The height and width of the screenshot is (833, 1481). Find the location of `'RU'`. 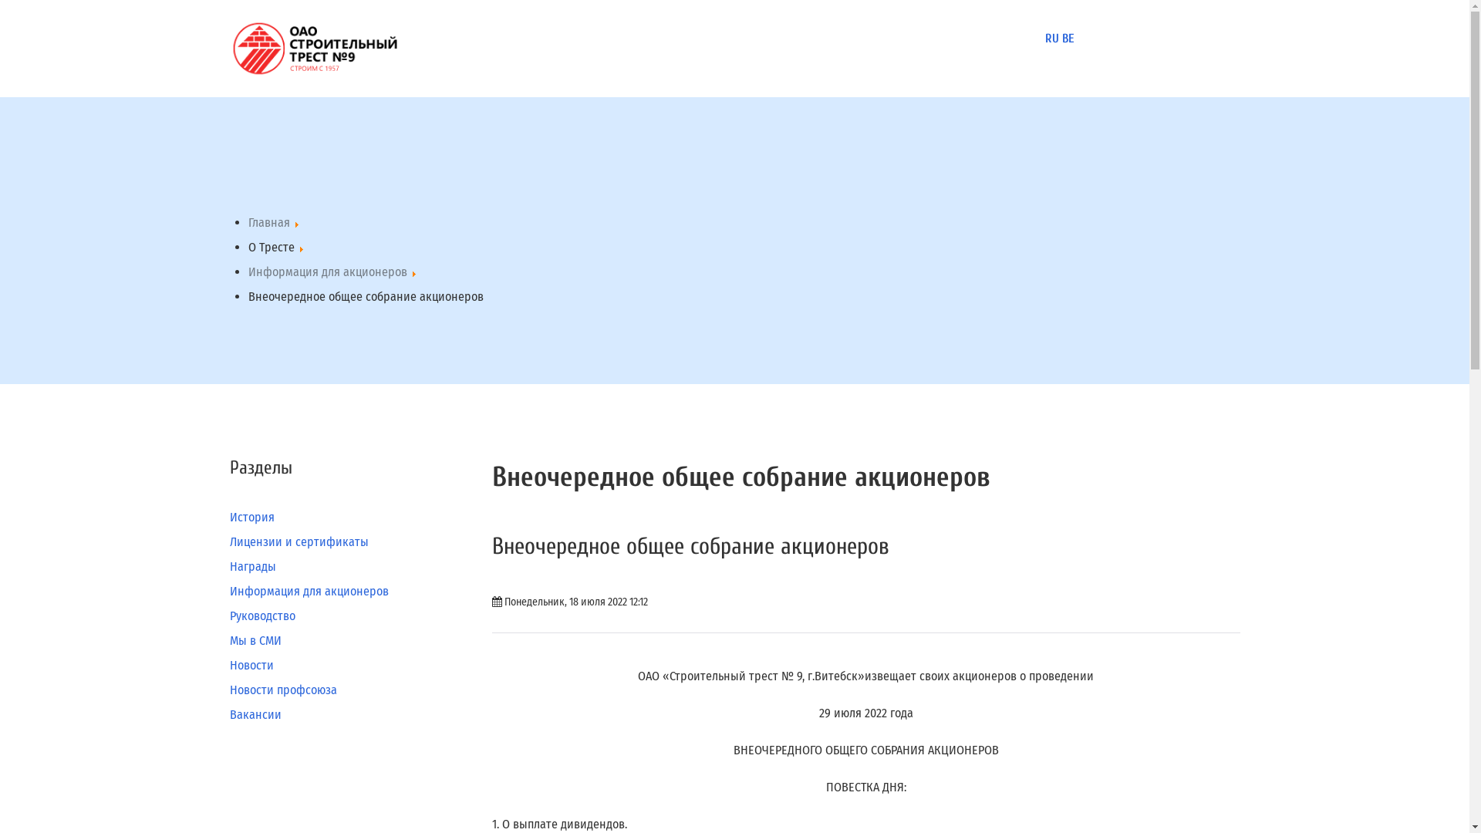

'RU' is located at coordinates (1051, 38).